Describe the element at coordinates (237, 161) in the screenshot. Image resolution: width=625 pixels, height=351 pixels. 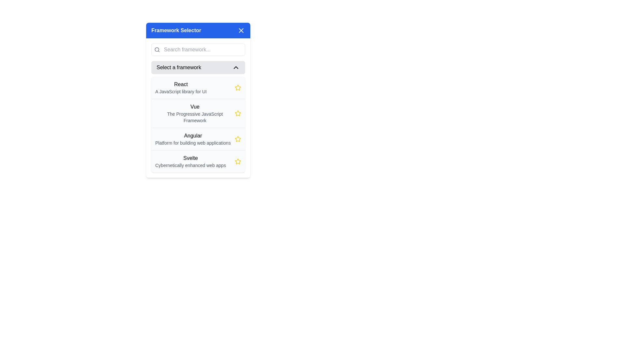
I see `the second star icon adjacent to the 'Vue' option in the dropdown list` at that location.